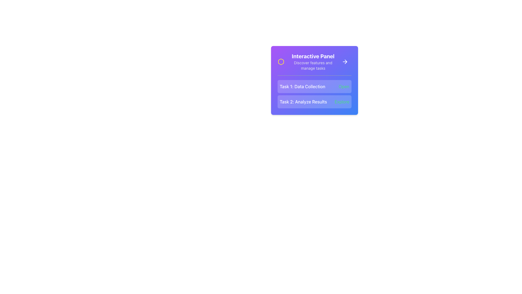 The image size is (522, 294). Describe the element at coordinates (344, 62) in the screenshot. I see `the small, rounded white button with a right-pointing arrow icon located in the top right corner of the 'Interactive Panel' to trigger the hover effect and change its color to gray` at that location.